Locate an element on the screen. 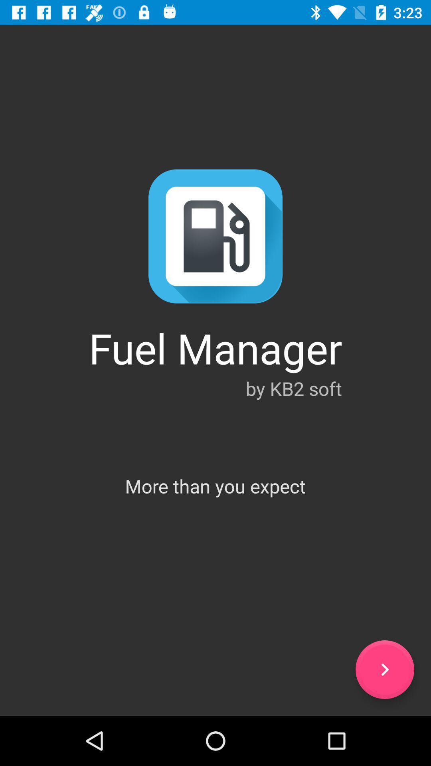 The height and width of the screenshot is (766, 431). the icon below the more than you icon is located at coordinates (384, 669).